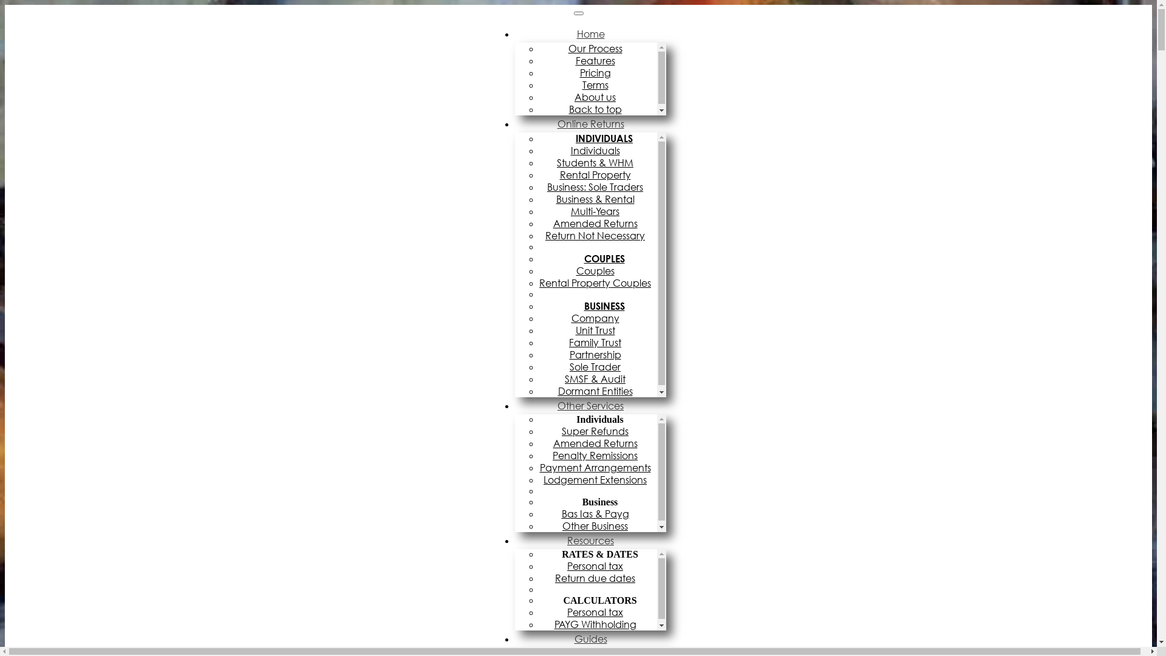 This screenshot has width=1166, height=656. I want to click on 'Business: Sole Traders', so click(598, 187).